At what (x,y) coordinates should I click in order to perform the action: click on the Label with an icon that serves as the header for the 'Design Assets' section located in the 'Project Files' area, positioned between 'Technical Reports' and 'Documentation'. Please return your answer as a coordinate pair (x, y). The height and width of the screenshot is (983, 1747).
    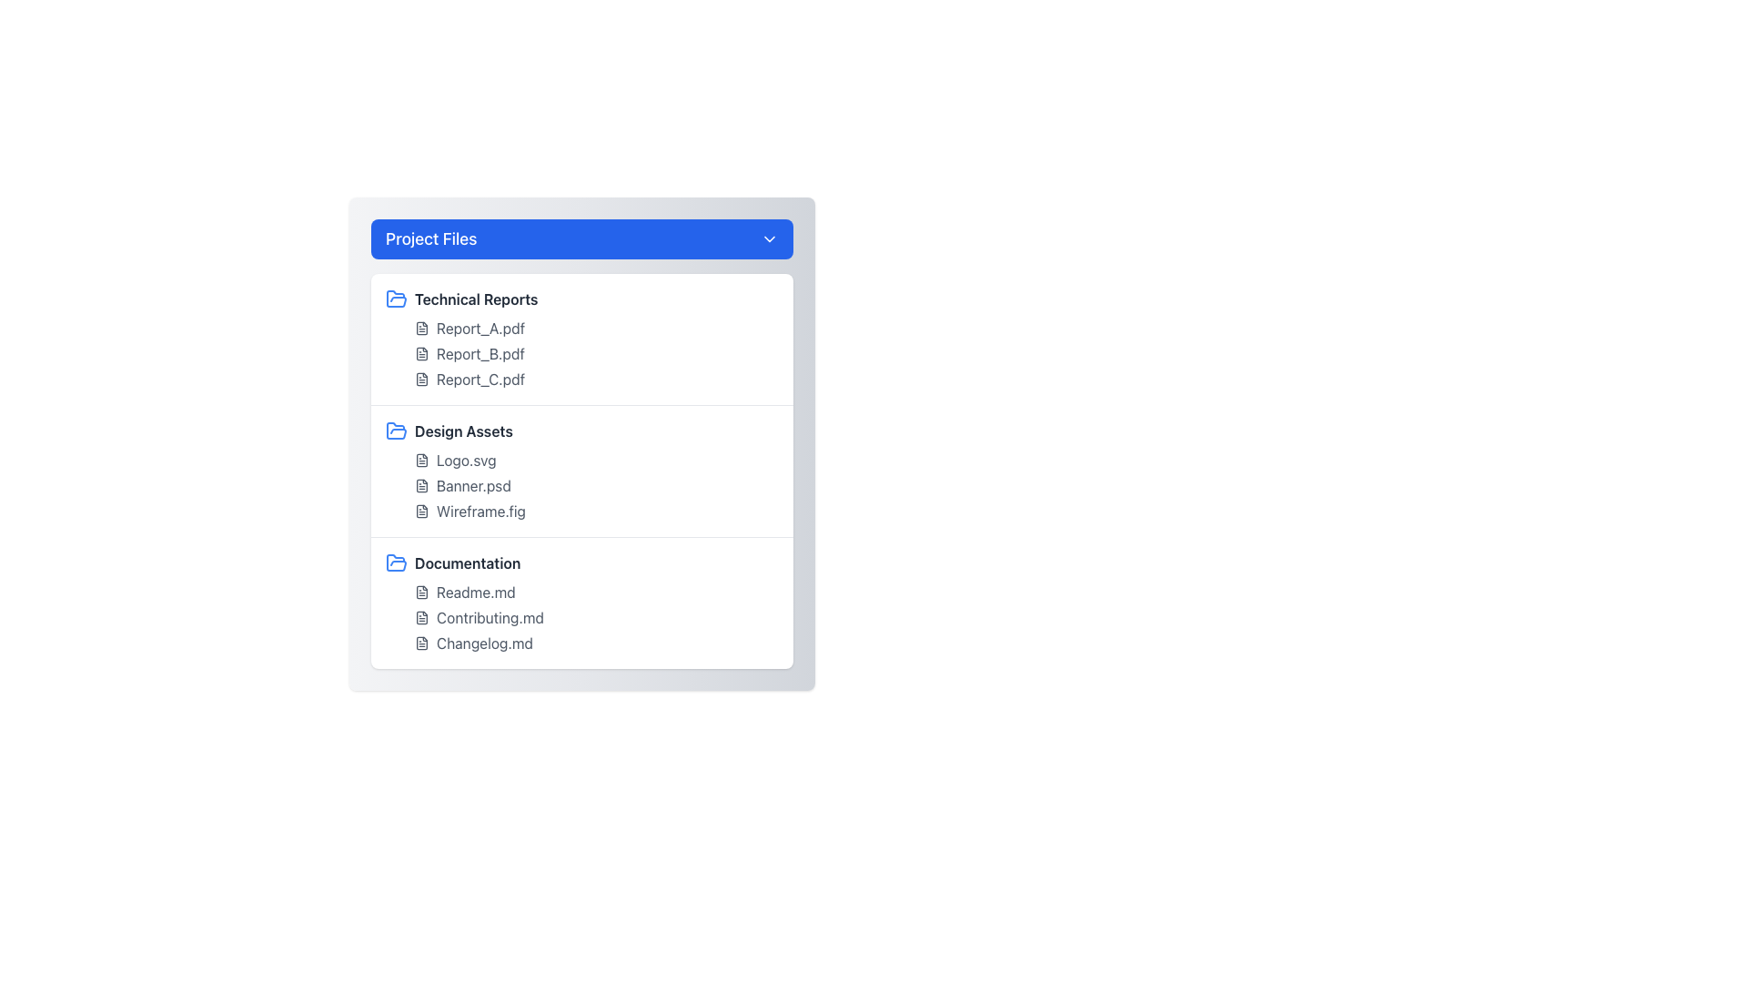
    Looking at the image, I should click on (581, 431).